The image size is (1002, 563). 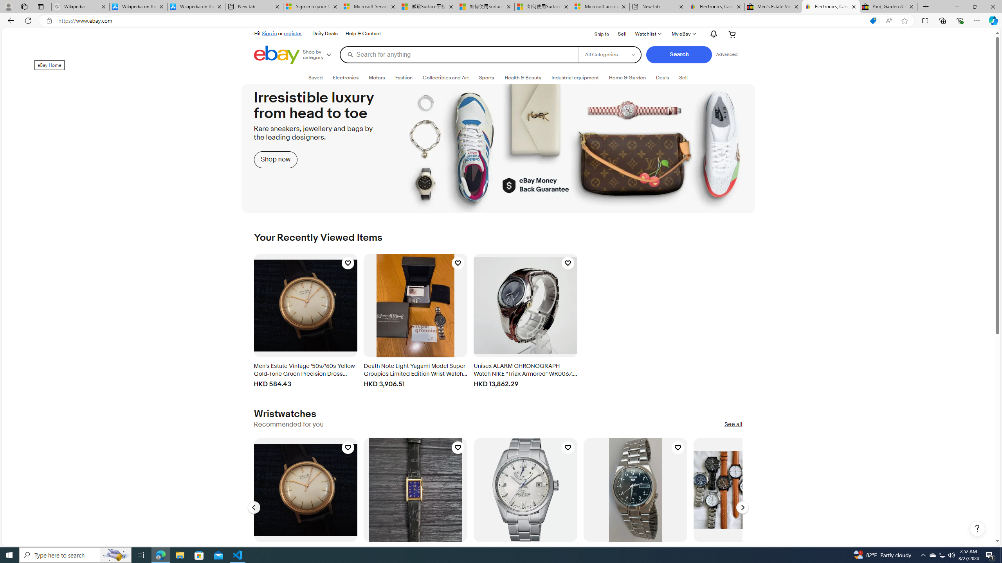 What do you see at coordinates (285, 414) in the screenshot?
I see `'Wristwatches'` at bounding box center [285, 414].